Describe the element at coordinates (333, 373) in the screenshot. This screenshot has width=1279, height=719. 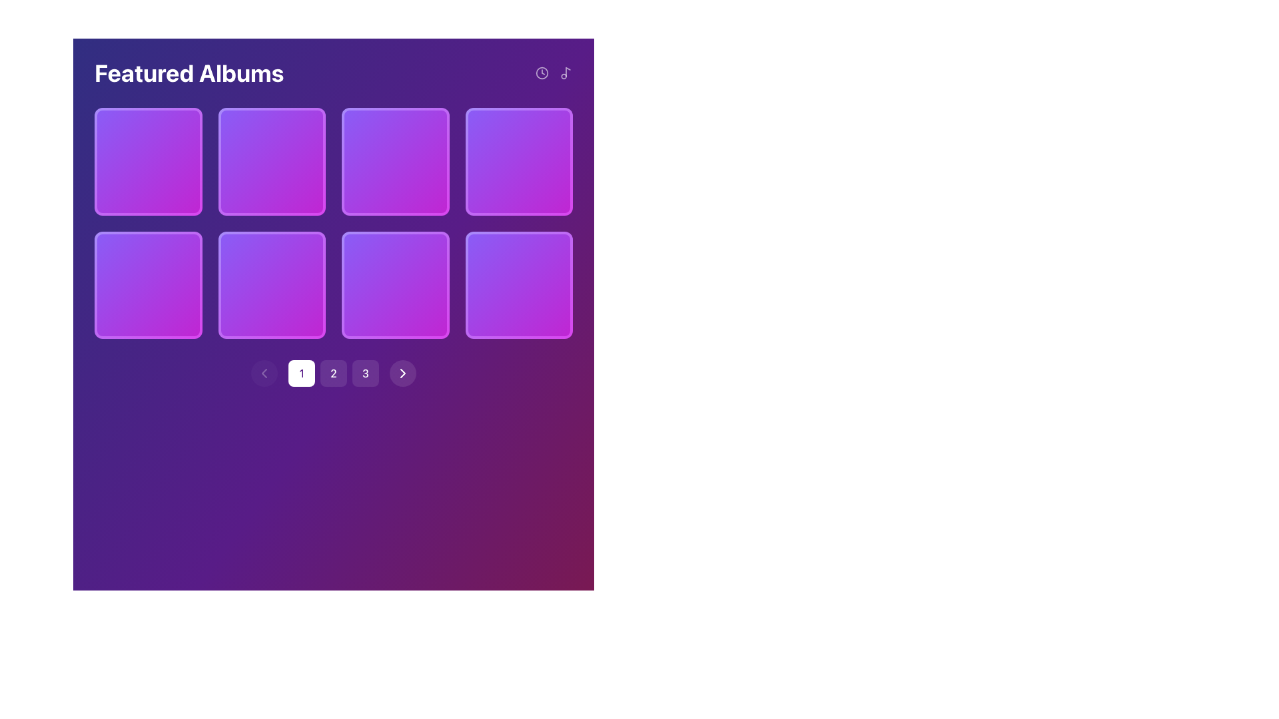
I see `the circular button icon with a white number '2' centered in a purple background, located in the pagination bar below the album grid` at that location.